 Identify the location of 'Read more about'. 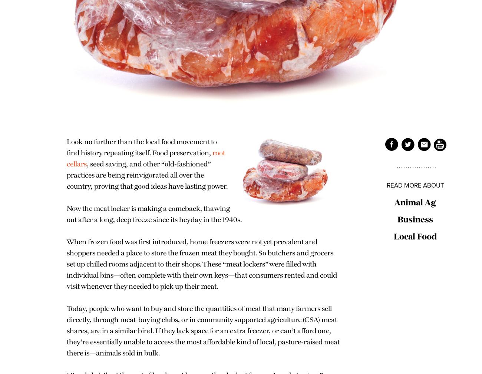
(415, 185).